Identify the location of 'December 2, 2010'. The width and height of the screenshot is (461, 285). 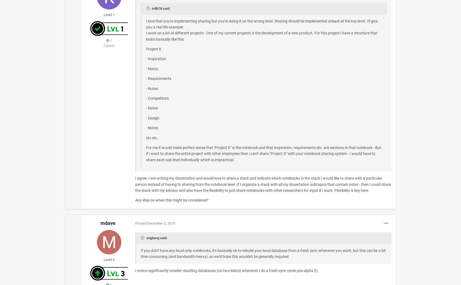
(160, 223).